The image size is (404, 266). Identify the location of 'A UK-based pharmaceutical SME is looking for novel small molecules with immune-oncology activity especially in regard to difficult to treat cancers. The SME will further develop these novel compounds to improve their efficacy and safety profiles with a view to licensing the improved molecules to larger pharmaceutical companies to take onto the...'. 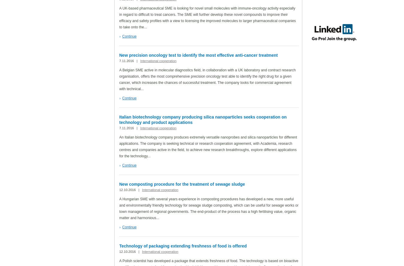
(207, 18).